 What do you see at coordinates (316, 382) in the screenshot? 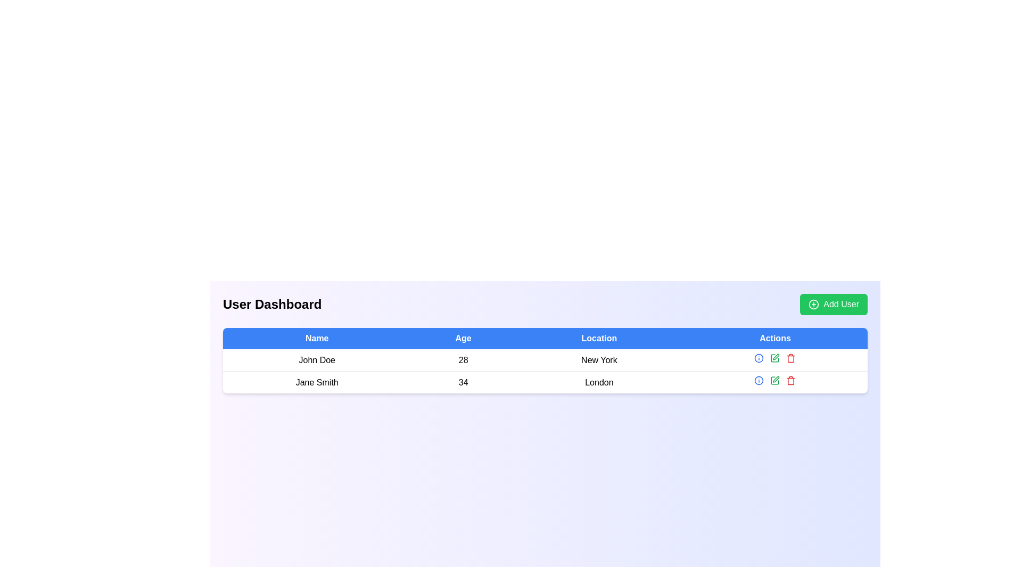
I see `the table cell under the 'Name' column` at bounding box center [316, 382].